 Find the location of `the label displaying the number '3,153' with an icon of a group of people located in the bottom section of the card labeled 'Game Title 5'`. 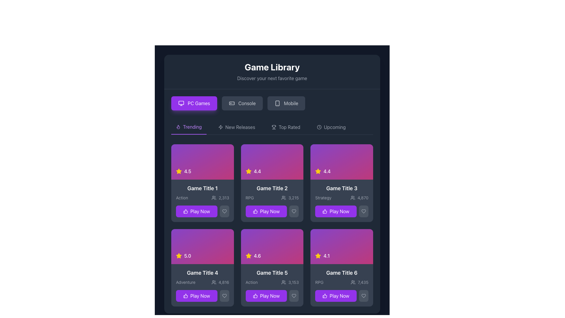

the label displaying the number '3,153' with an icon of a group of people located in the bottom section of the card labeled 'Game Title 5' is located at coordinates (290, 282).